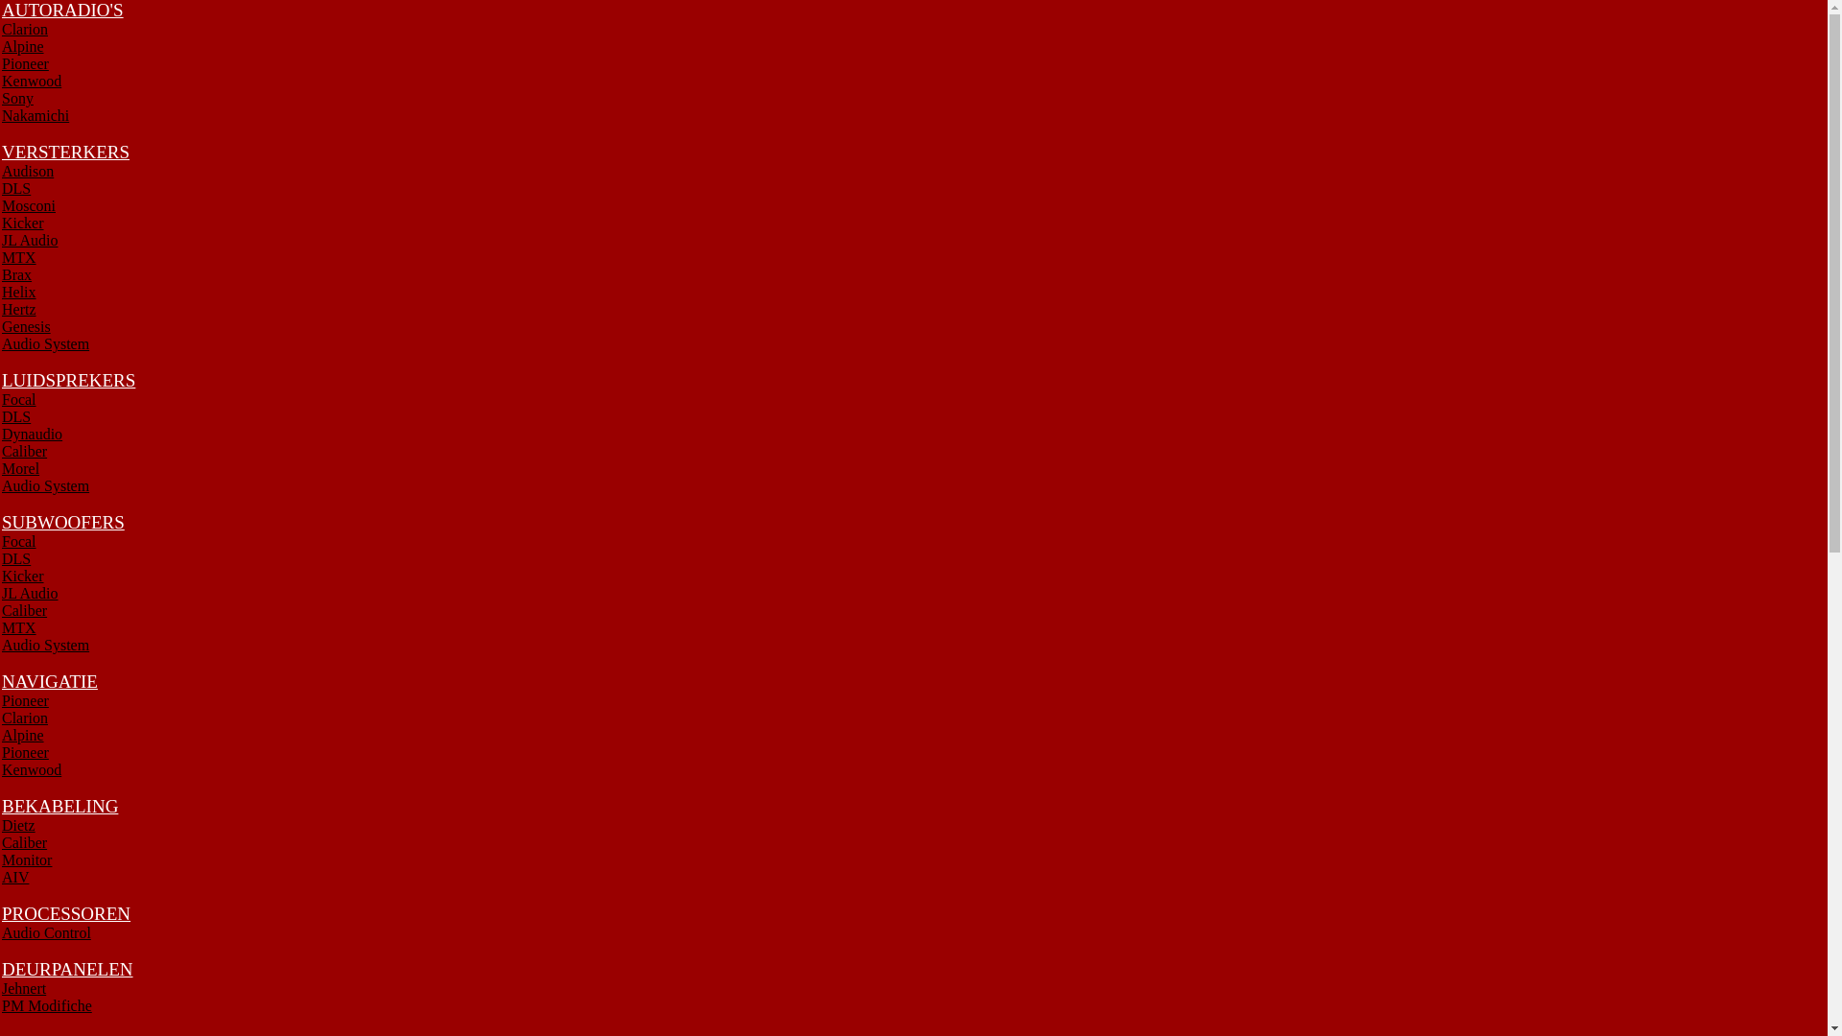  Describe the element at coordinates (32, 768) in the screenshot. I see `'Kenwood'` at that location.